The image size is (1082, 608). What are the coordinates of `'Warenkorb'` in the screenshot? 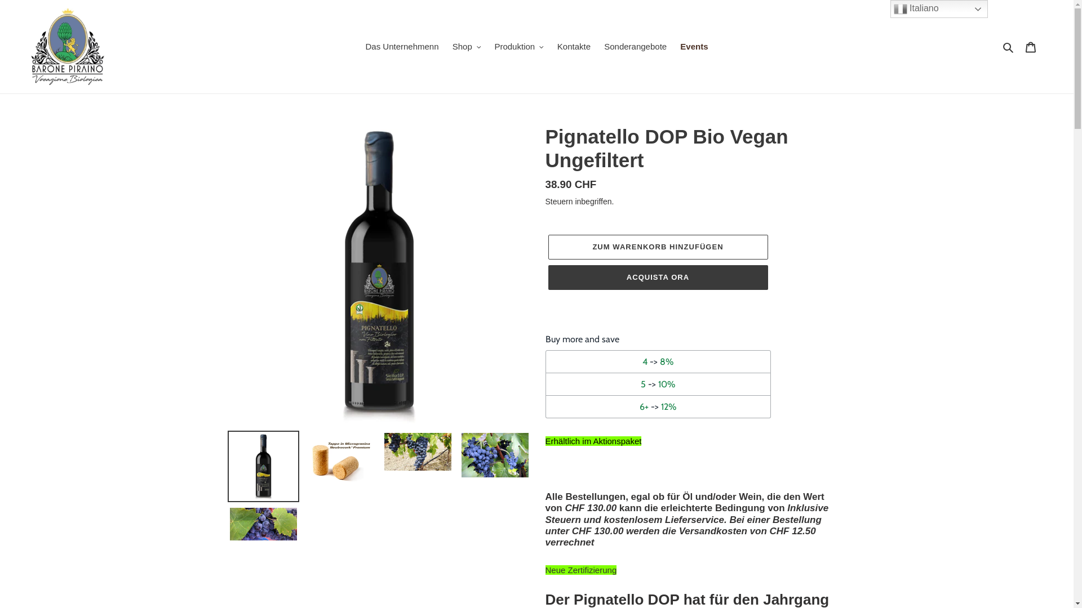 It's located at (1030, 46).